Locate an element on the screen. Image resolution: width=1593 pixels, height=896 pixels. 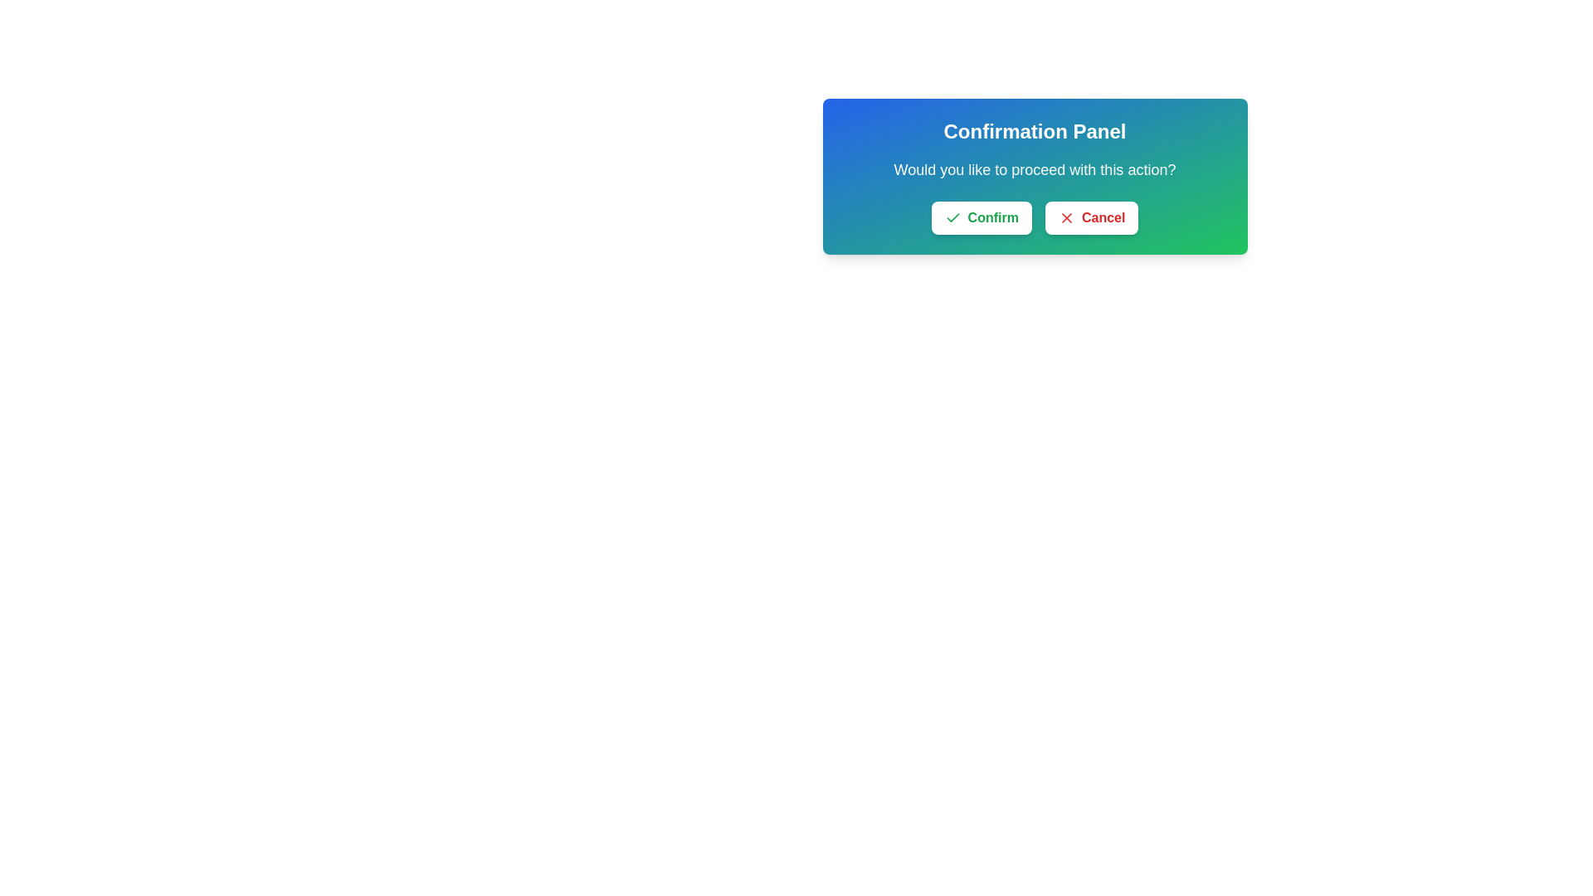
the 'Confirm' button which contains the checkmark icon, located in the center of the interface is located at coordinates (952, 217).